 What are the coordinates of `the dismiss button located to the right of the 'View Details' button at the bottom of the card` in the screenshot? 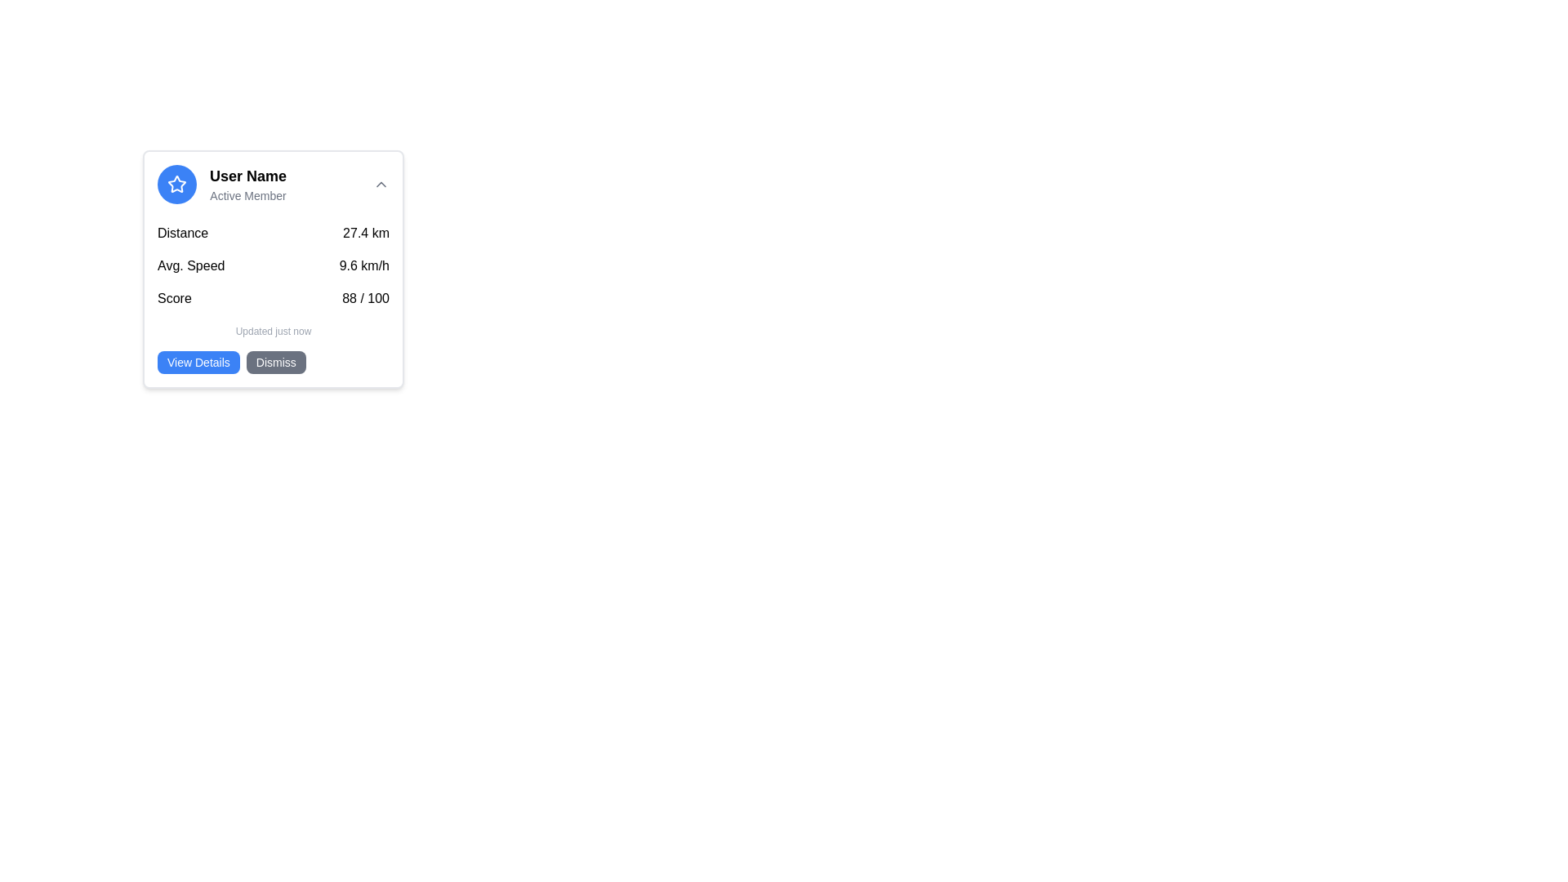 It's located at (276, 361).